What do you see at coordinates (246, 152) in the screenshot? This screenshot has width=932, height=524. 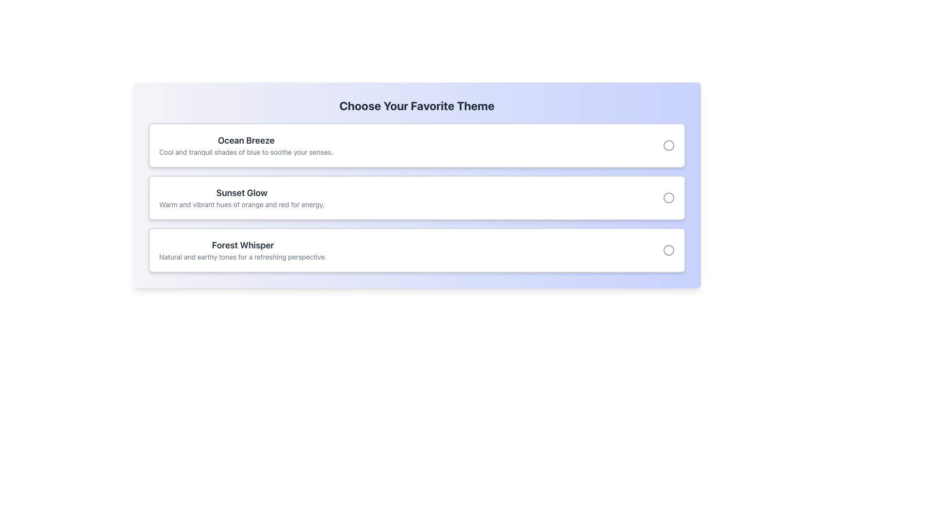 I see `the text element reading 'Cool and tranquil shades of blue to soothe your senses.' which is styled in a small, light gray font and positioned below the bold text 'Ocean Breeze' in the first option card of the vertical list` at bounding box center [246, 152].